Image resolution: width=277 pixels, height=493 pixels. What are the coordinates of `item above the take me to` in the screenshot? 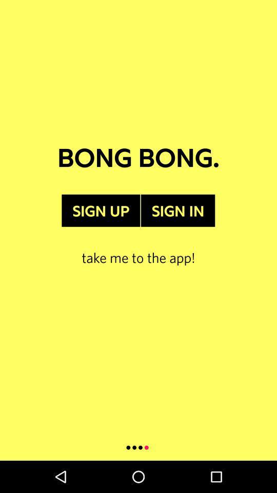 It's located at (177, 210).